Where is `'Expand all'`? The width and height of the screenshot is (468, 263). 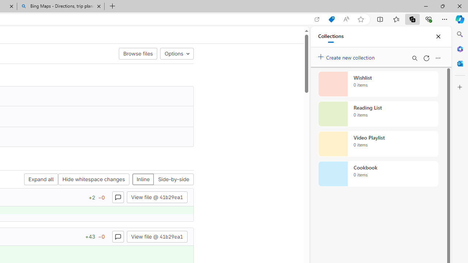 'Expand all' is located at coordinates (41, 179).